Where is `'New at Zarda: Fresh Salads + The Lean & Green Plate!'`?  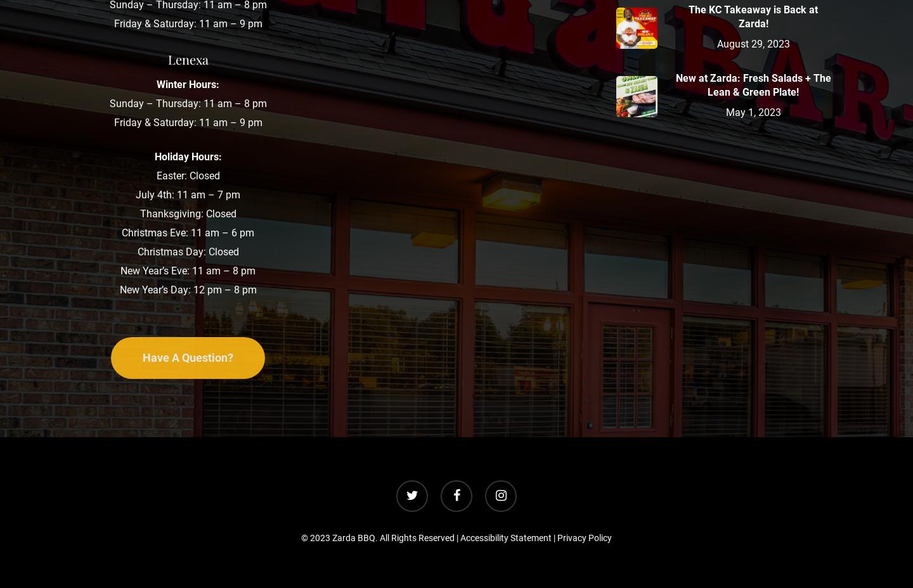 'New at Zarda: Fresh Salads + The Lean & Green Plate!' is located at coordinates (675, 84).